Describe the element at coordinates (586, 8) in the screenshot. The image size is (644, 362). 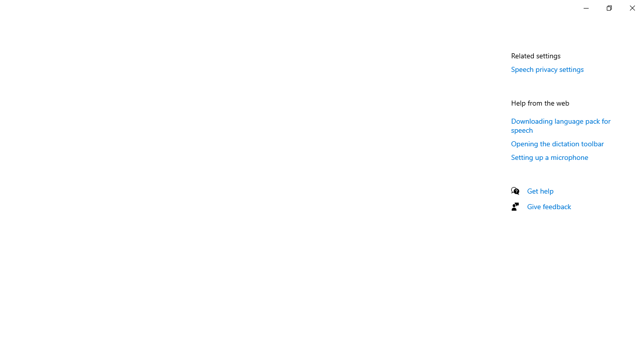
I see `'Minimize Settings'` at that location.